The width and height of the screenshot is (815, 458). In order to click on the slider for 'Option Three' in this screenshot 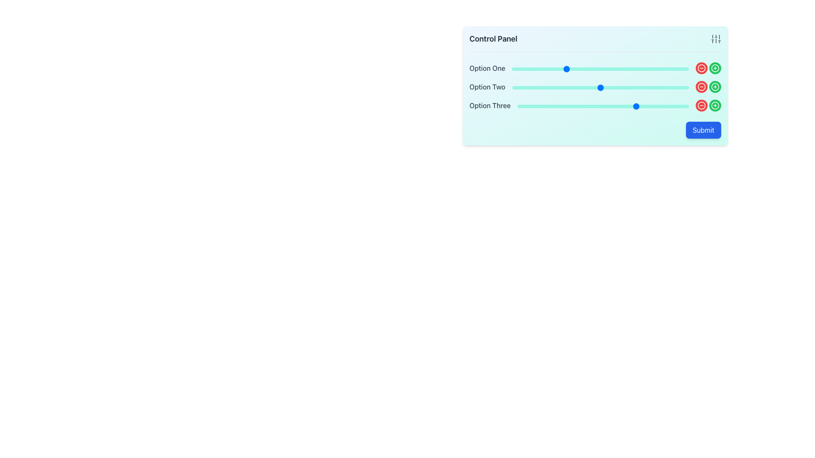, I will do `click(676, 106)`.